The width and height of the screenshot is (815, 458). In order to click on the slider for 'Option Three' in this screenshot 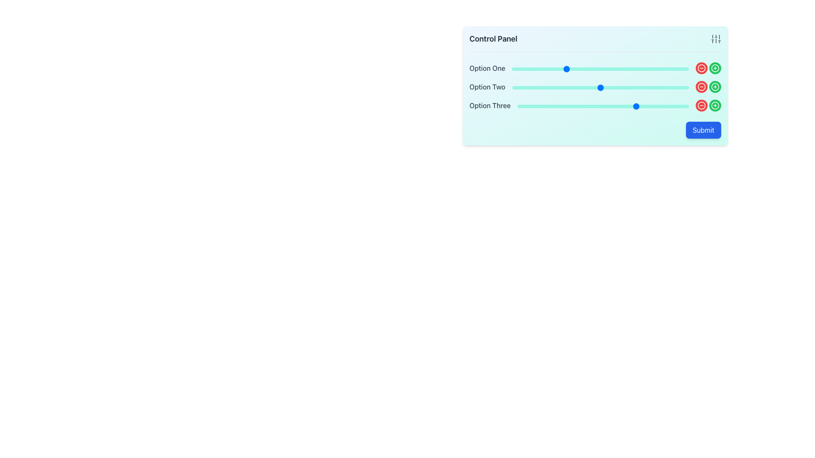, I will do `click(676, 106)`.